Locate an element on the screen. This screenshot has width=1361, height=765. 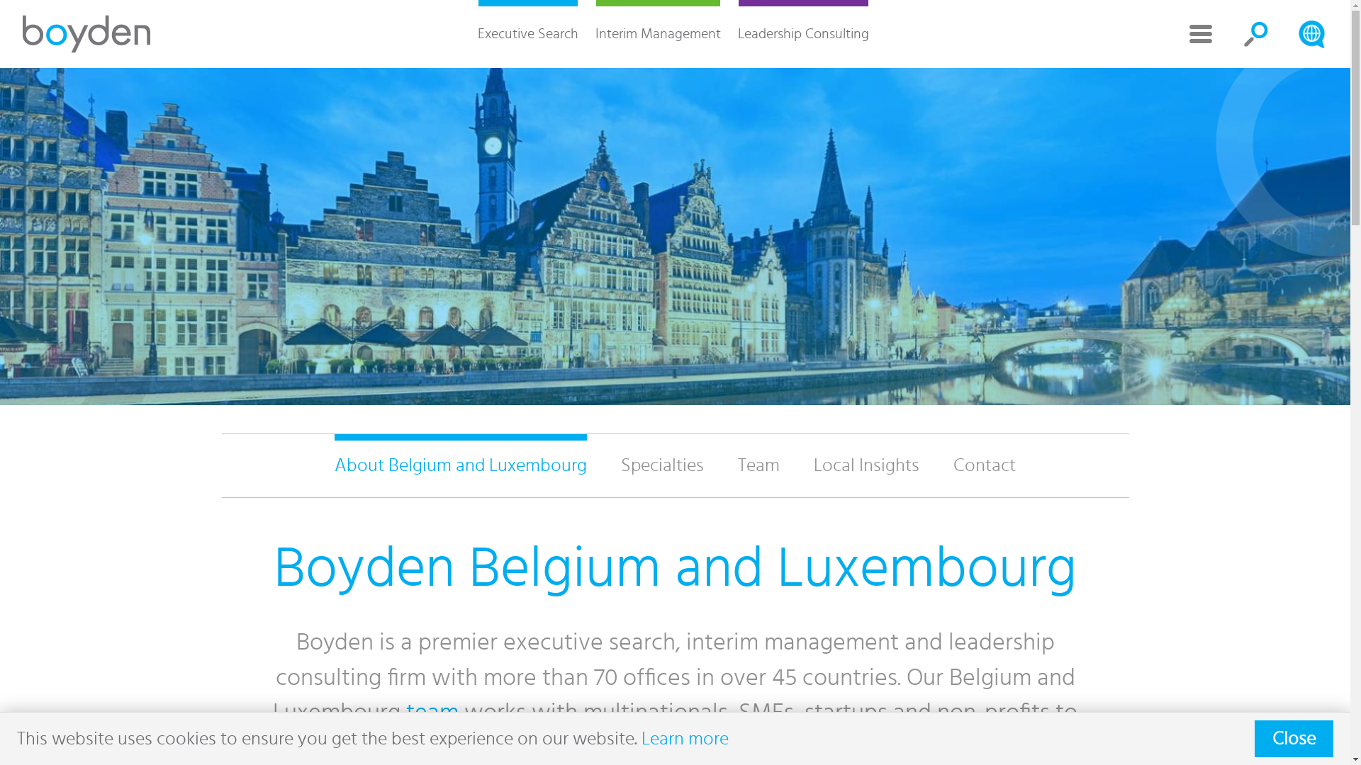
'Contact' is located at coordinates (983, 465).